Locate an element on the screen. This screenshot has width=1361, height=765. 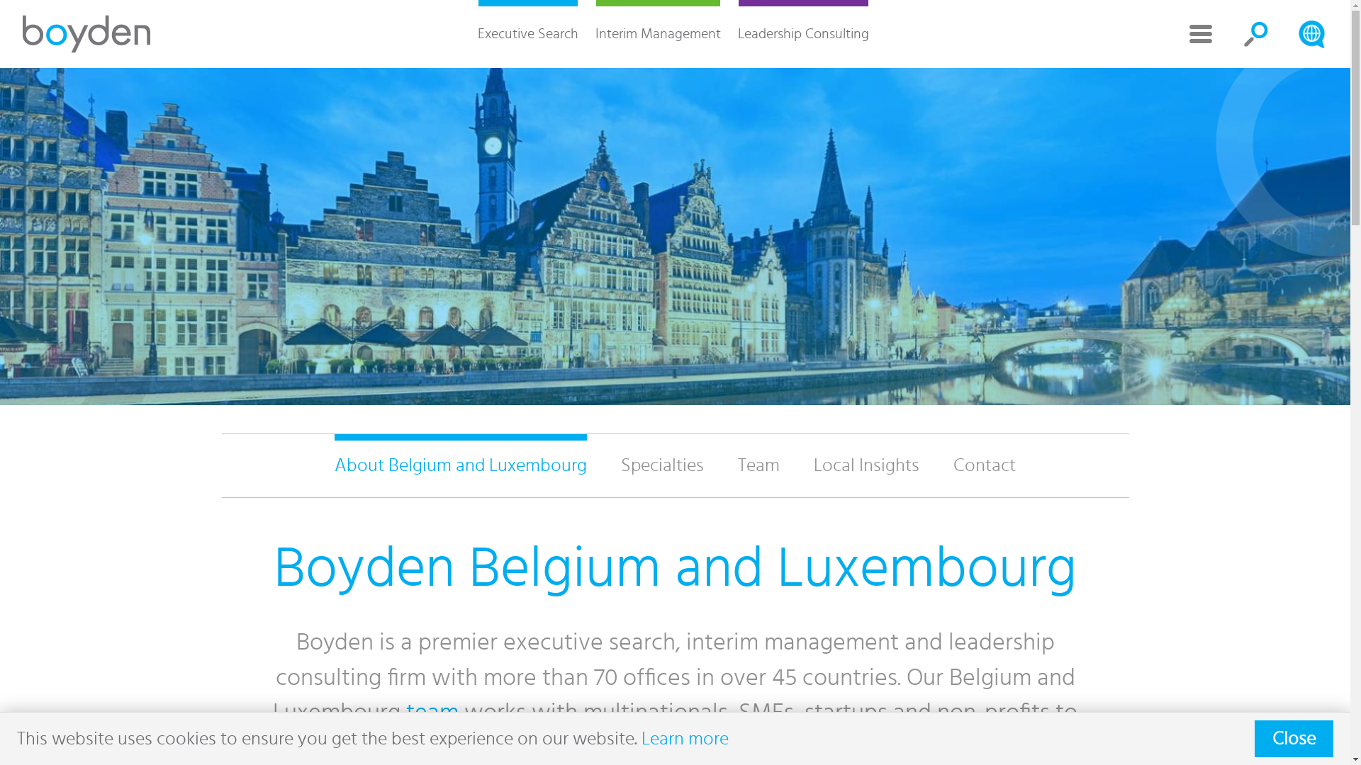
'Contact' is located at coordinates (983, 465).